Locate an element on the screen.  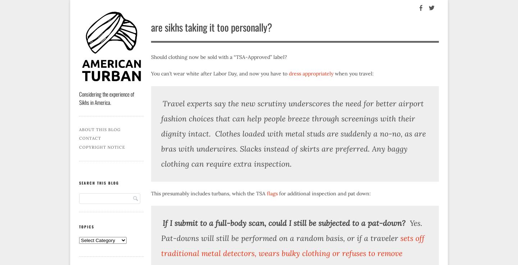
'dress appropriately' is located at coordinates (288, 74).